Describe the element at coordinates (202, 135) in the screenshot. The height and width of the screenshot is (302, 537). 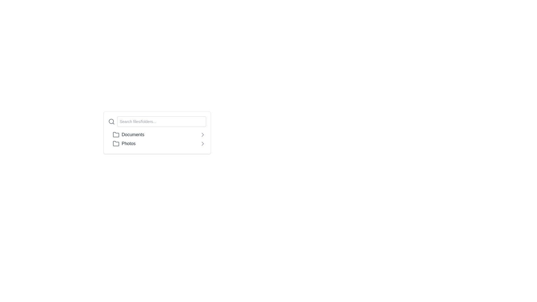
I see `the Chevron icon located on the right-most side of the 'Documents' row` at that location.